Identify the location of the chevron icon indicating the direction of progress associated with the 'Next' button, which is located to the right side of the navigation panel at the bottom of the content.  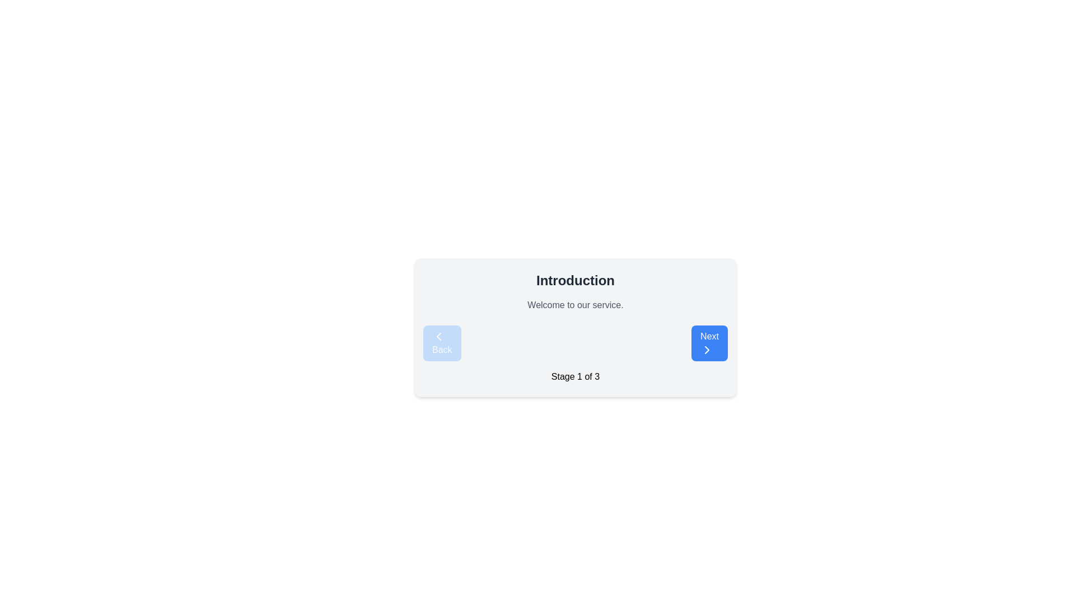
(707, 349).